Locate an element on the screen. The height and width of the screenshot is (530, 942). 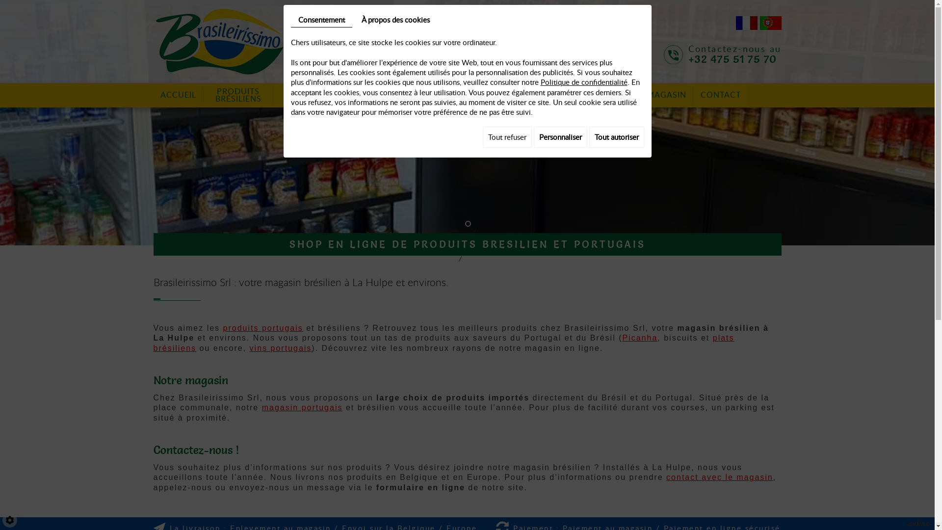
'LE MAGASIN' is located at coordinates (660, 95).